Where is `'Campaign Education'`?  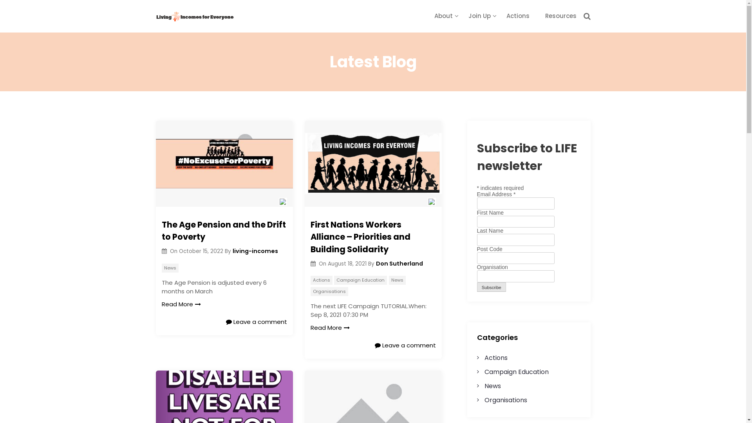
'Campaign Education' is located at coordinates (360, 280).